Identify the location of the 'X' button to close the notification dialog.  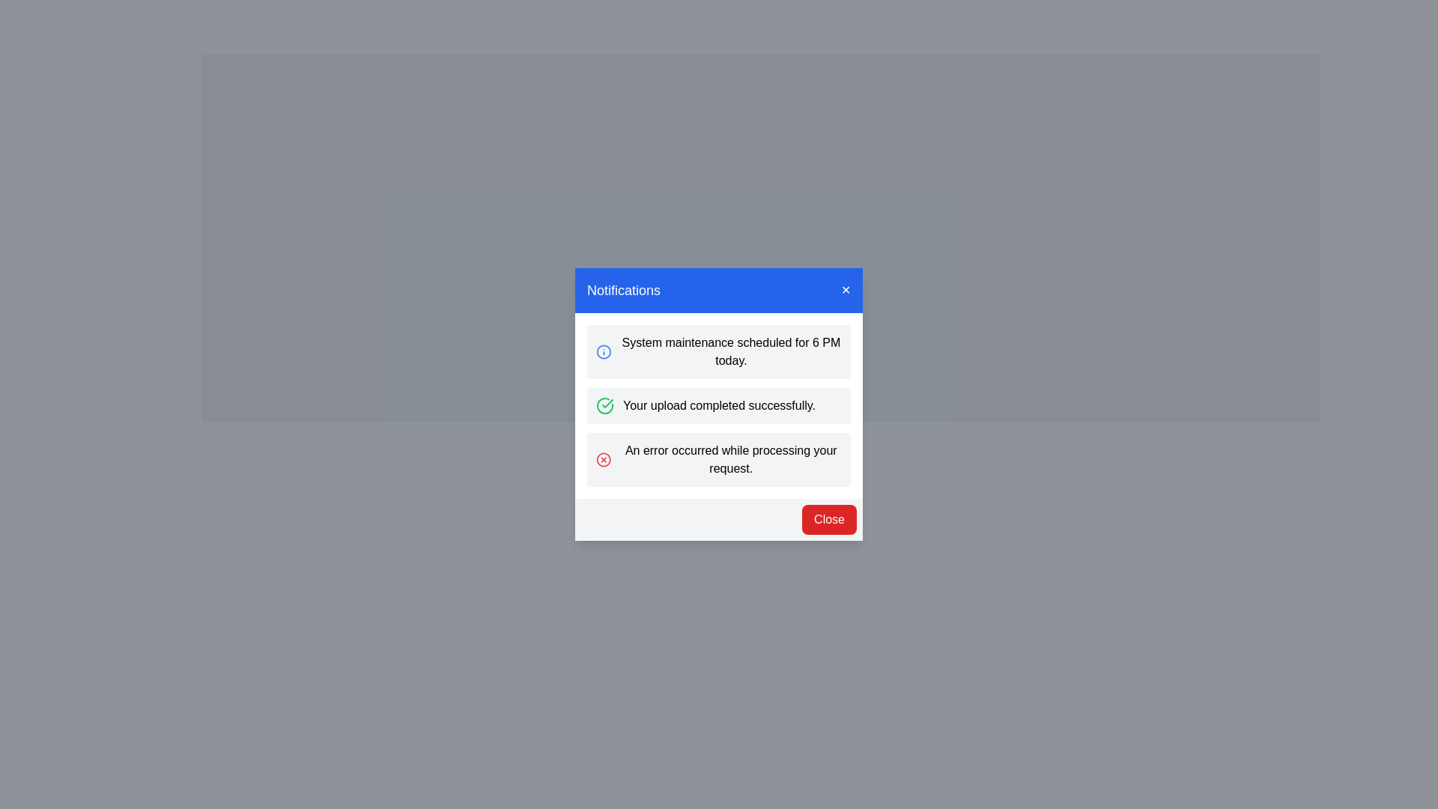
(846, 291).